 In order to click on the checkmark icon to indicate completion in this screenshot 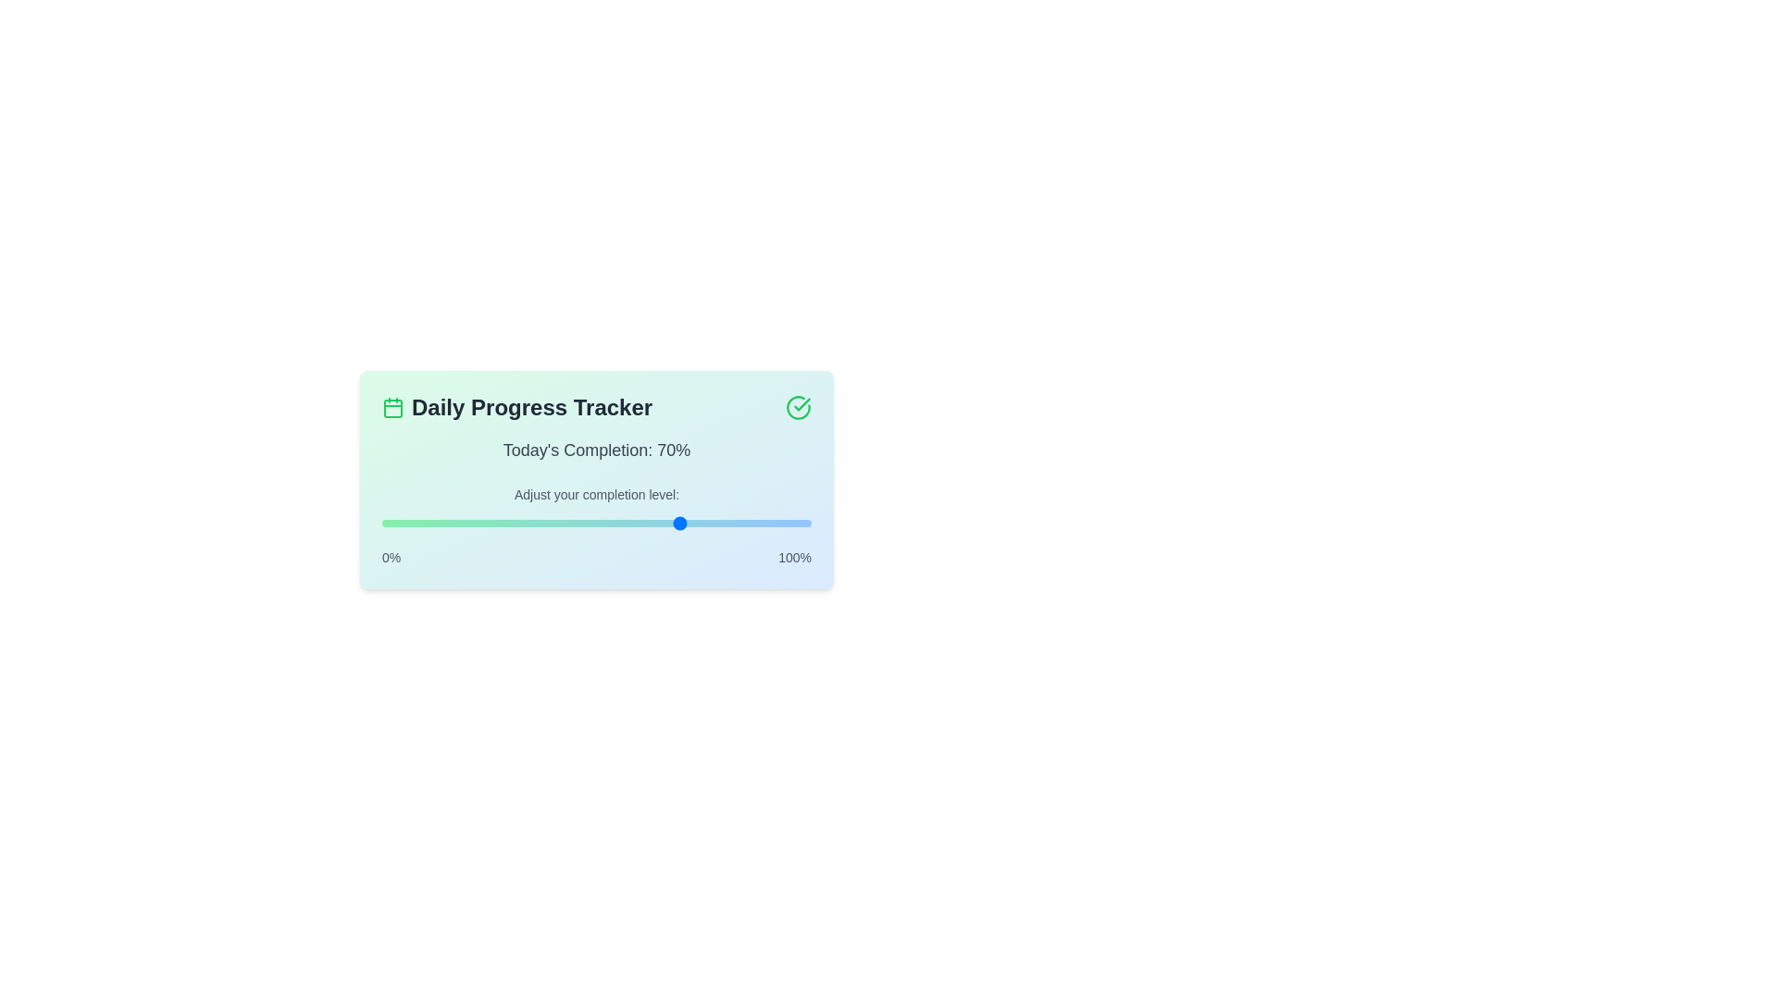, I will do `click(799, 406)`.